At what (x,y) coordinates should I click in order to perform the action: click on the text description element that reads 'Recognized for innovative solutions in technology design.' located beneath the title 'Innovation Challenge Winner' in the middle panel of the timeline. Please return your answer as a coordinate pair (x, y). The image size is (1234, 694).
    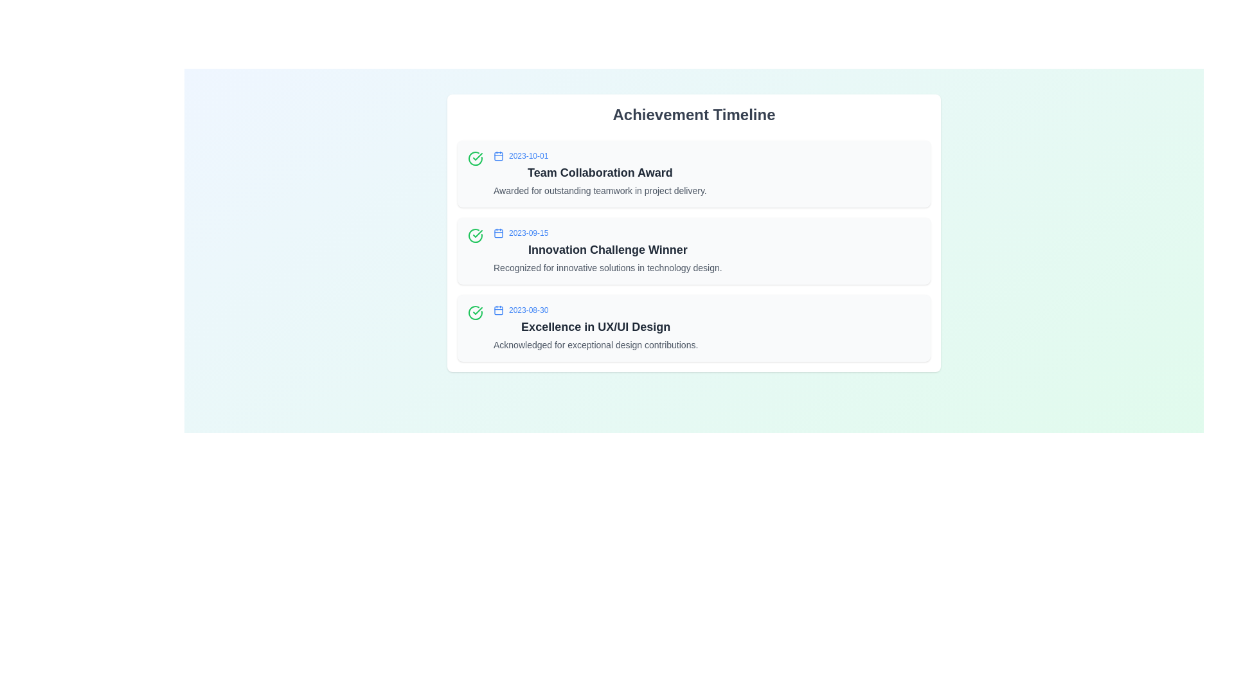
    Looking at the image, I should click on (607, 267).